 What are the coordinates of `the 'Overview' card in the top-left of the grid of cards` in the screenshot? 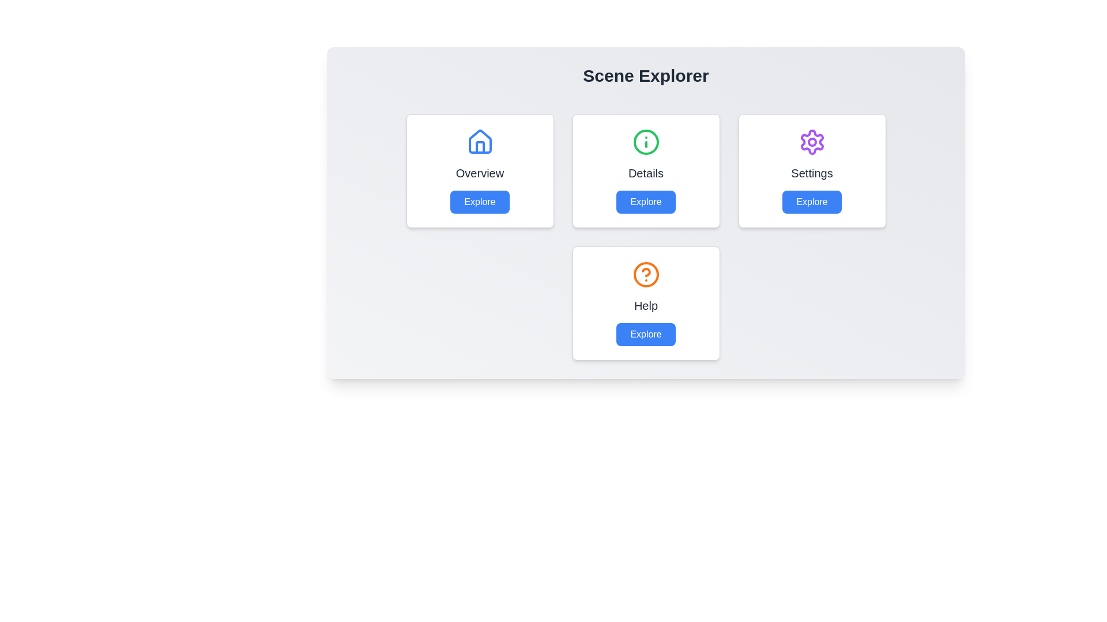 It's located at (480, 171).